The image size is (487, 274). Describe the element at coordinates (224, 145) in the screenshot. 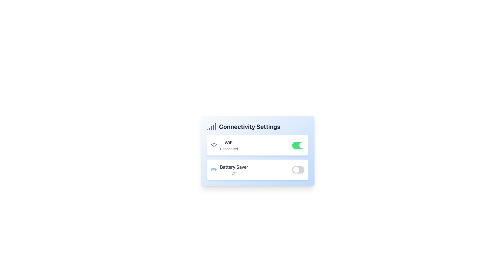

I see `the Status display showing the WiFi icon and text indicating 'WiFi' and 'Connected' in the Connectivity Settings card, positioned to the left of the green toggle switch` at that location.